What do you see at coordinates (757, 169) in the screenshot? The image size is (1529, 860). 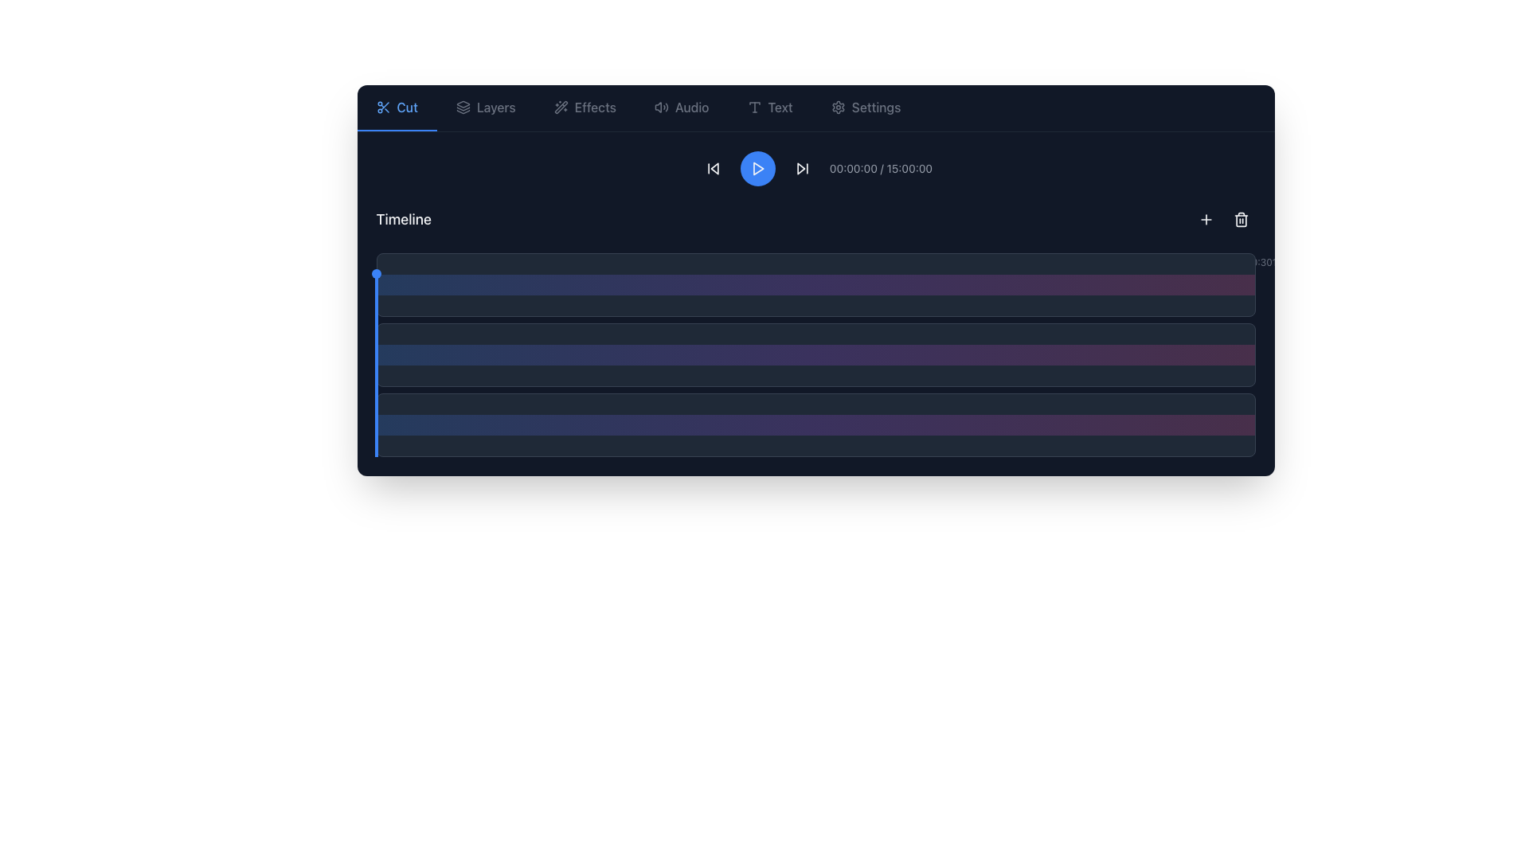 I see `the play button located at the center of the control buttons group` at bounding box center [757, 169].